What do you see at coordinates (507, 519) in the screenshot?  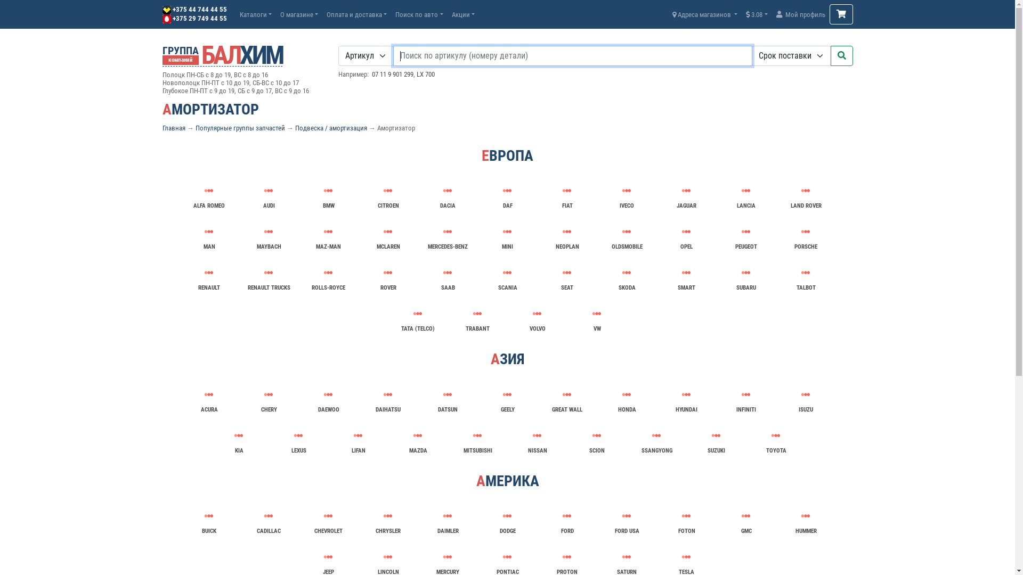 I see `'DODGE'` at bounding box center [507, 519].